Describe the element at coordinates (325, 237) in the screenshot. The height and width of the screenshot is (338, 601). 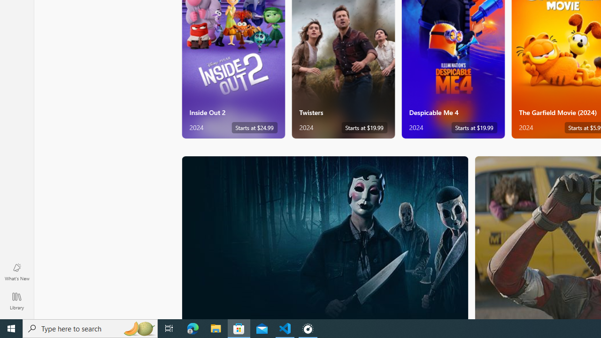
I see `'Horror'` at that location.